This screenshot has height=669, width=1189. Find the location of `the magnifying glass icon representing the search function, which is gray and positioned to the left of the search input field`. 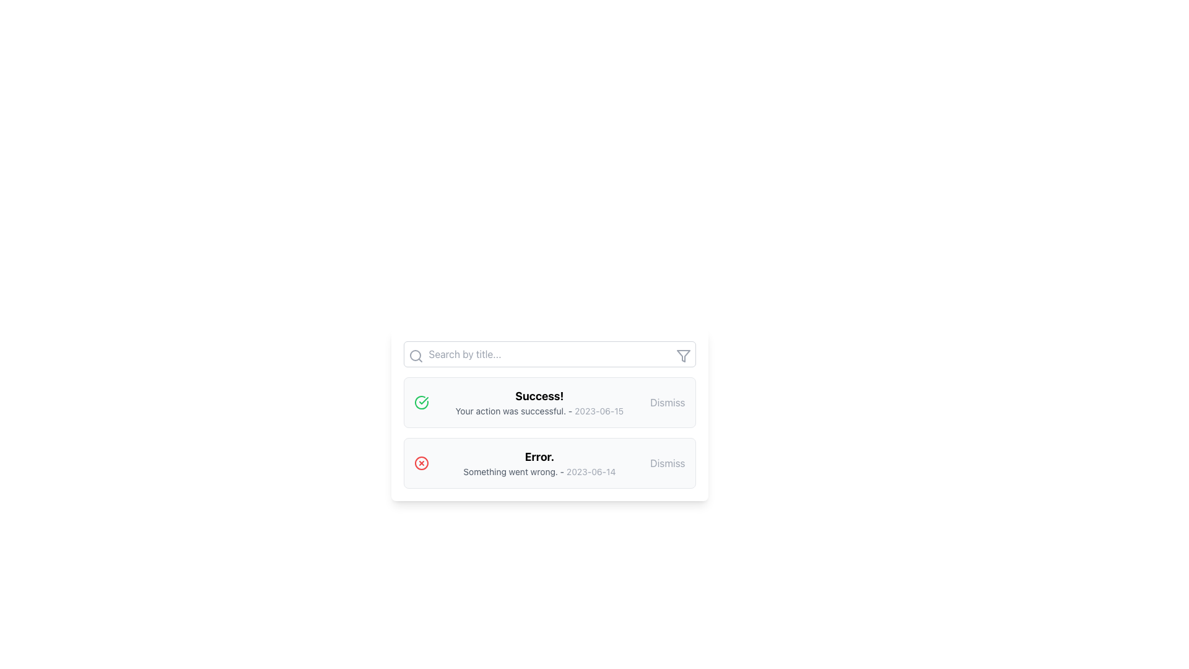

the magnifying glass icon representing the search function, which is gray and positioned to the left of the search input field is located at coordinates (416, 356).